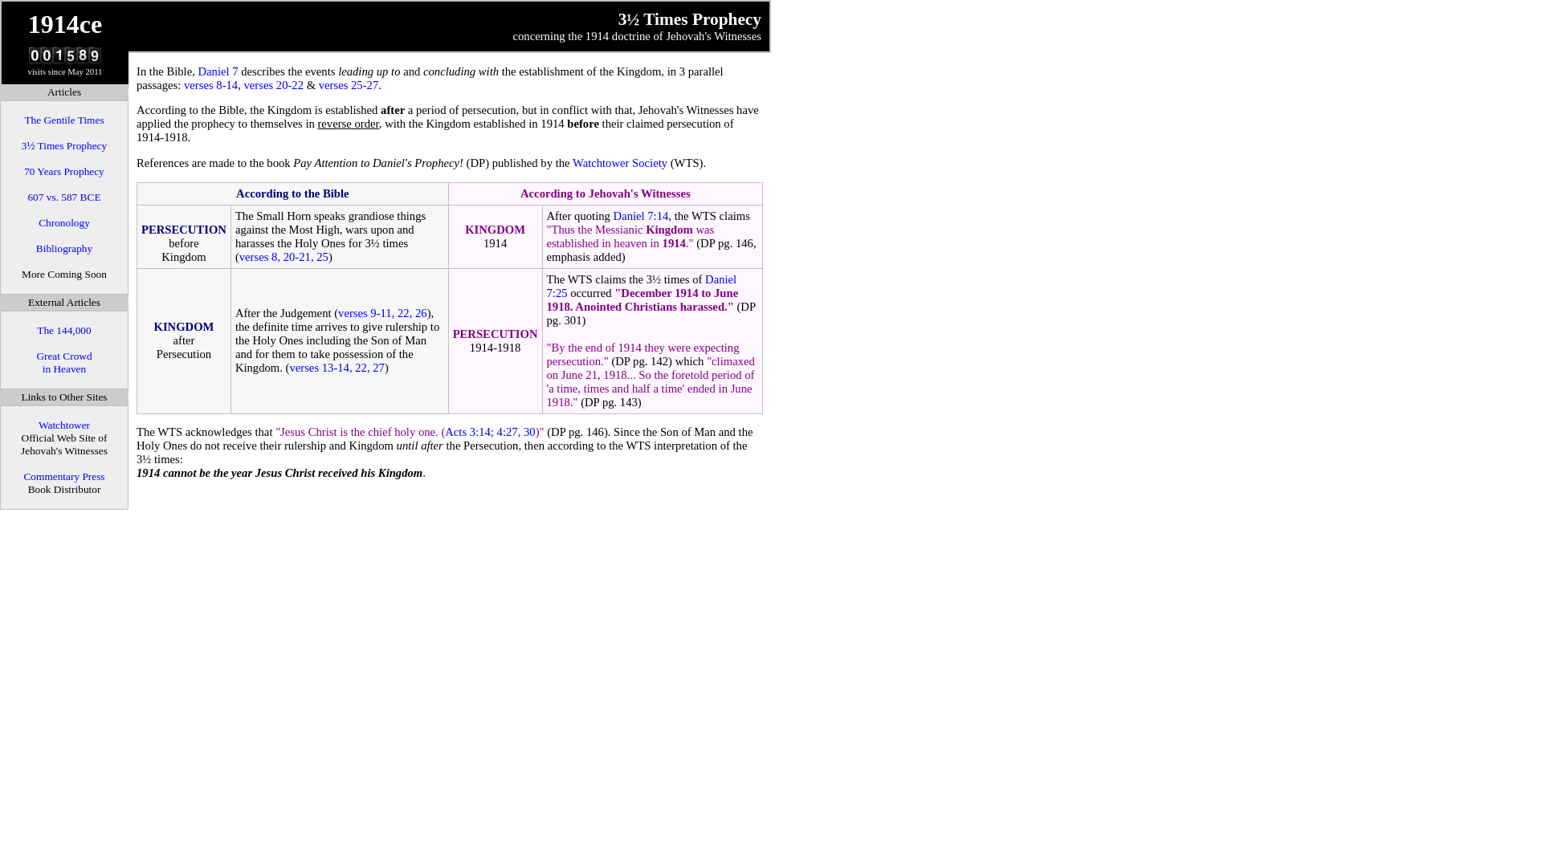 The width and height of the screenshot is (1542, 867). What do you see at coordinates (640, 215) in the screenshot?
I see `'Daniel 7:14'` at bounding box center [640, 215].